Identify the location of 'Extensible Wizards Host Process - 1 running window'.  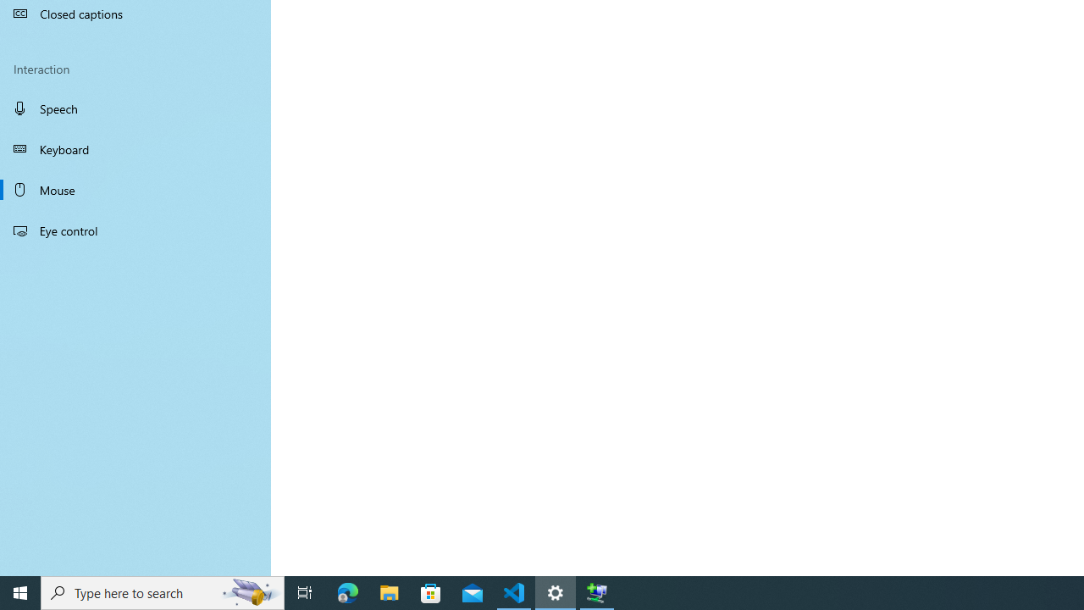
(597, 591).